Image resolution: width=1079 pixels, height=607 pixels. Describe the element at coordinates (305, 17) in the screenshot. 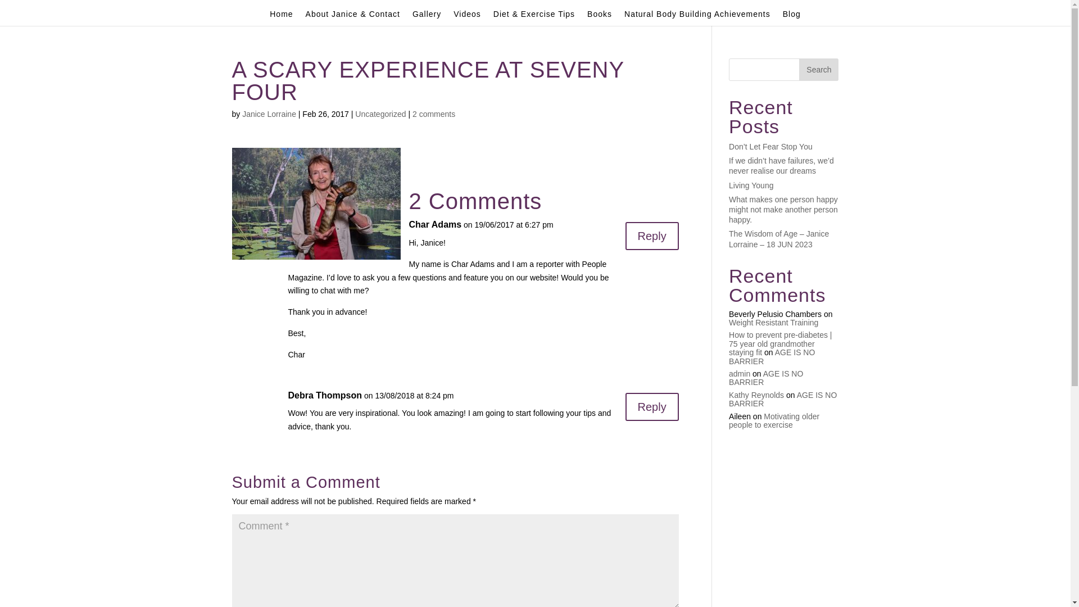

I see `'About Janice & Contact'` at that location.